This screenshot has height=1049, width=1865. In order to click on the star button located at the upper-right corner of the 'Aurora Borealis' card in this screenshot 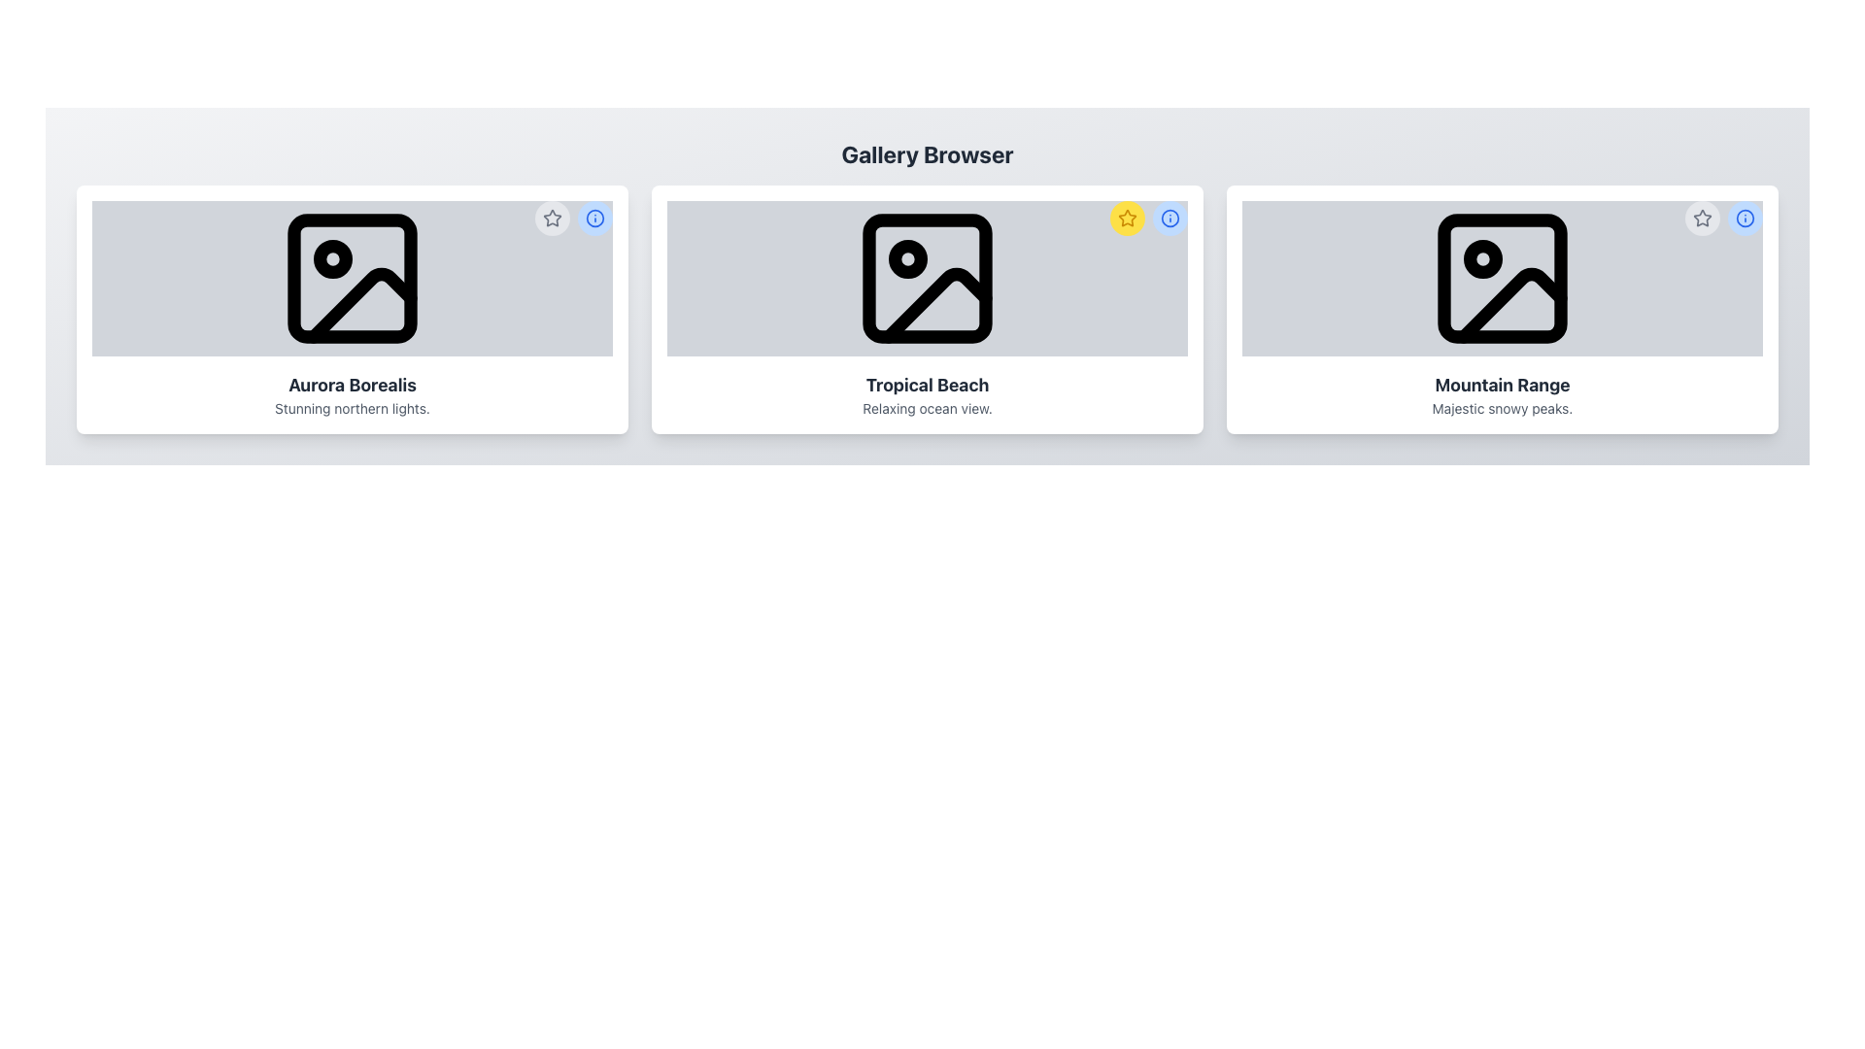, I will do `click(552, 218)`.